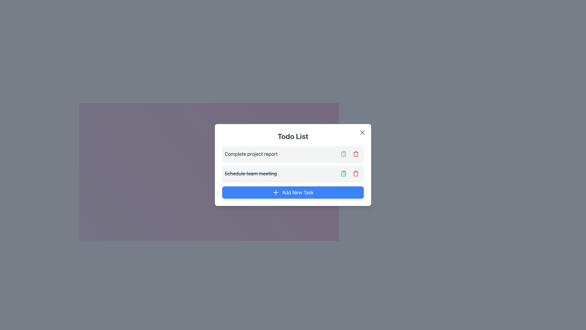  What do you see at coordinates (356, 154) in the screenshot?
I see `the delete button in the top task row of the 'Todo List' dialog box, located to the far right next to the task text 'Complete project report' to trigger hover effects` at bounding box center [356, 154].